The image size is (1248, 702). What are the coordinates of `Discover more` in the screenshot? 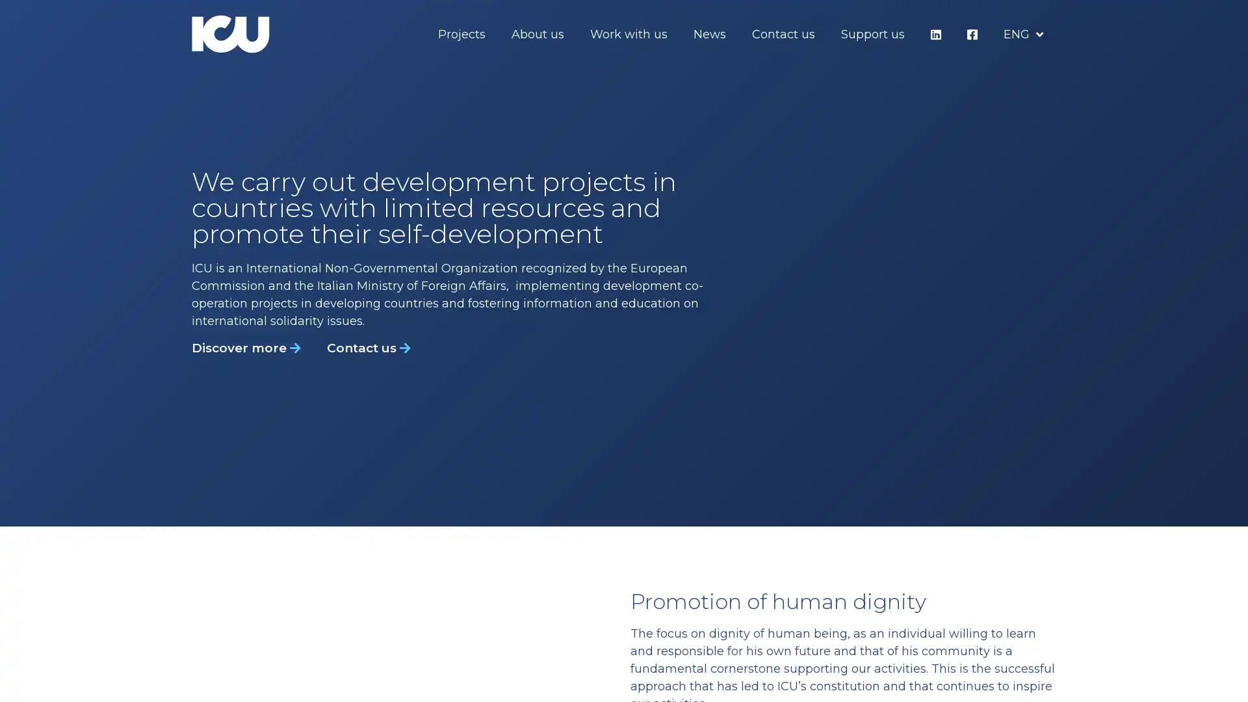 It's located at (246, 347).